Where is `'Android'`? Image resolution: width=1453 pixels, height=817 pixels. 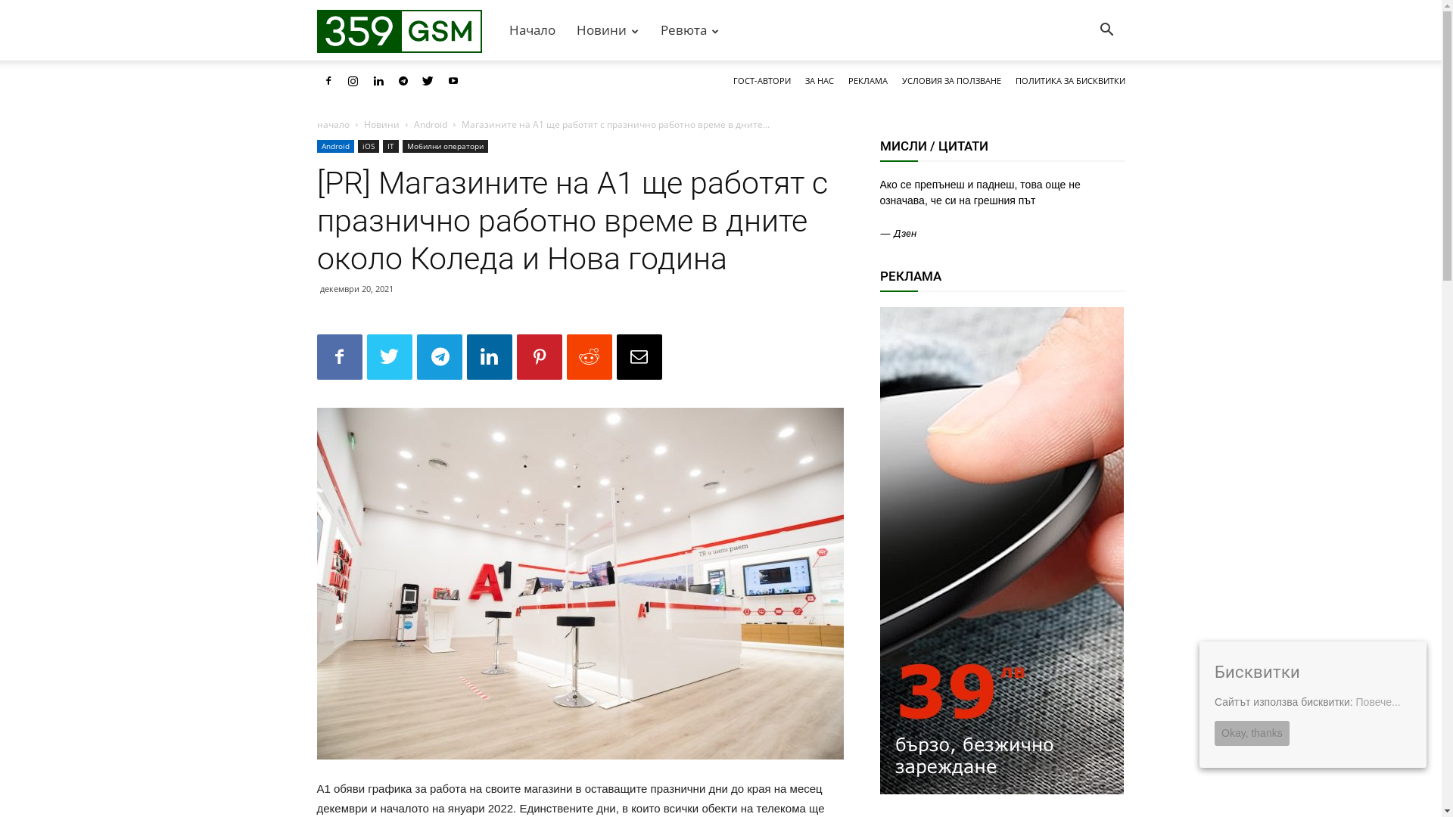
'Android' is located at coordinates (428, 123).